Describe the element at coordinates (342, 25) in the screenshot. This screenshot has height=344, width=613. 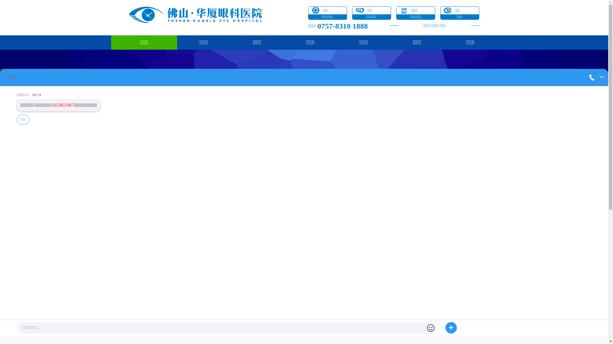
I see `'0757-8310 1888'` at that location.